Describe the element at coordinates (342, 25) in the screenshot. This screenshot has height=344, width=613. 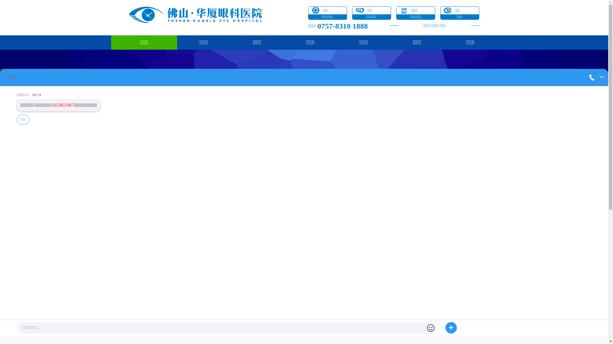
I see `'0757-8310 1888'` at that location.